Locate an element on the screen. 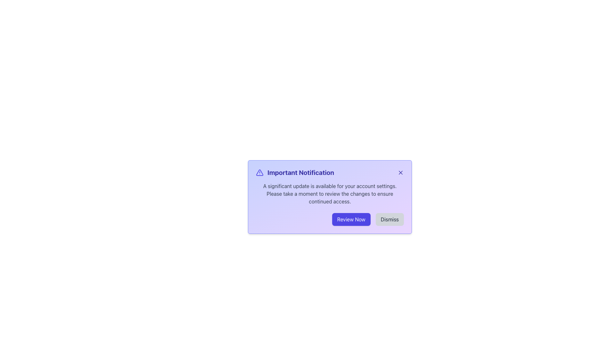  the dismiss button located at the bottom-right corner of the notification dialog box is located at coordinates (389, 219).